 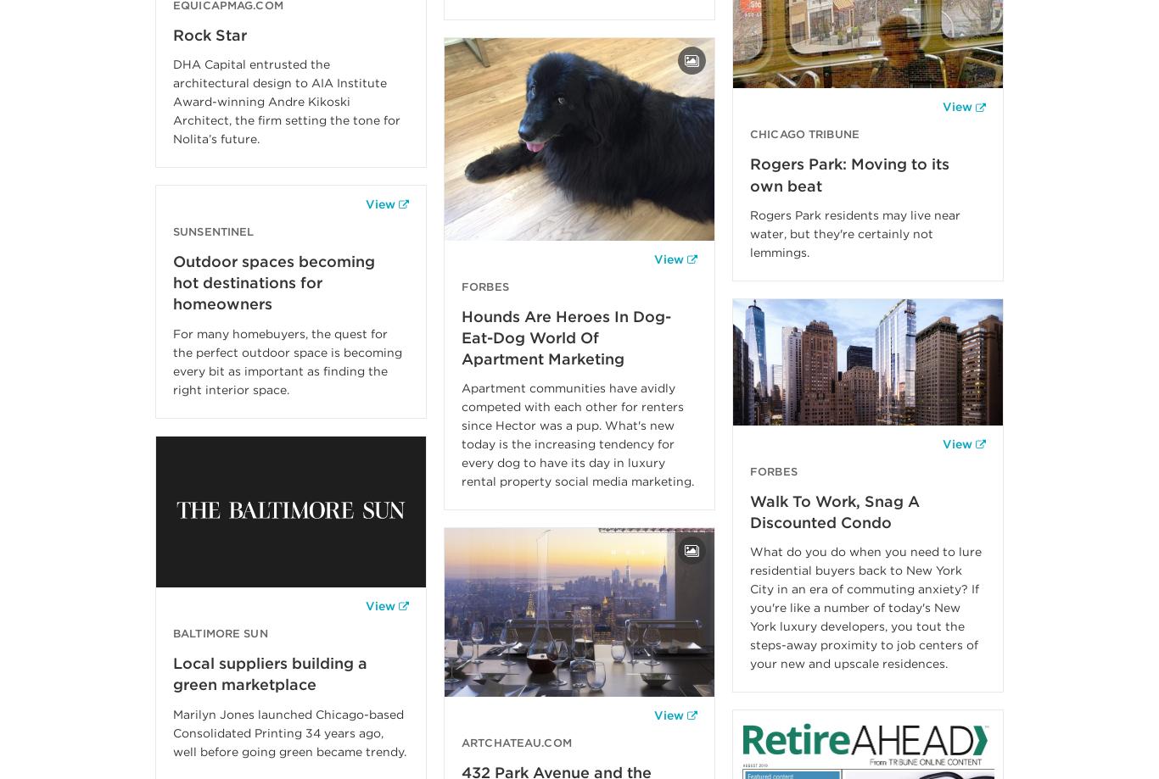 I want to click on 'Walk To Work, Snag A Discounted Condo', so click(x=835, y=511).